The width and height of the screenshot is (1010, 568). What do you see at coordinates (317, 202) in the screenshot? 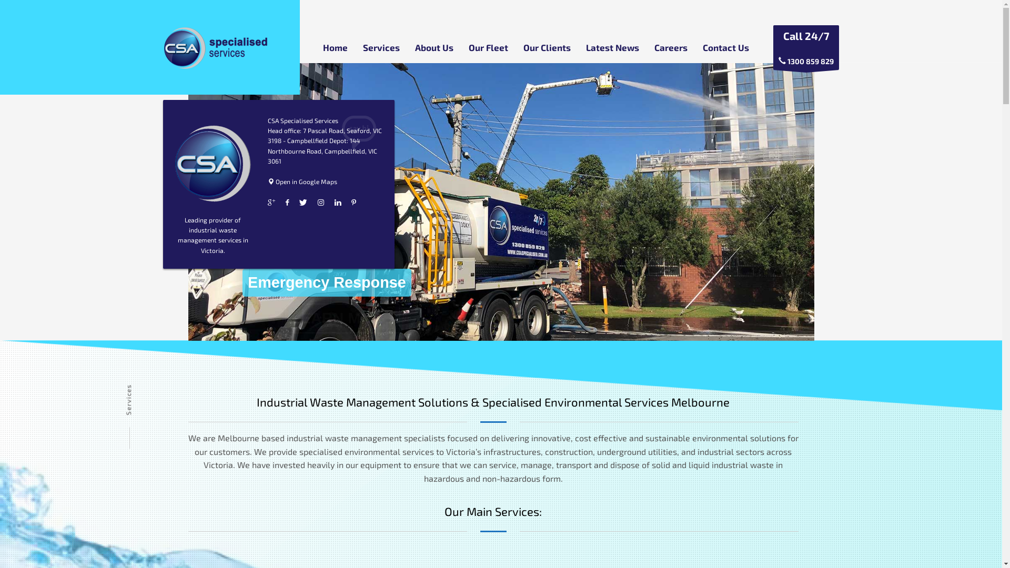
I see `'CSA Specialised Instagram'` at bounding box center [317, 202].